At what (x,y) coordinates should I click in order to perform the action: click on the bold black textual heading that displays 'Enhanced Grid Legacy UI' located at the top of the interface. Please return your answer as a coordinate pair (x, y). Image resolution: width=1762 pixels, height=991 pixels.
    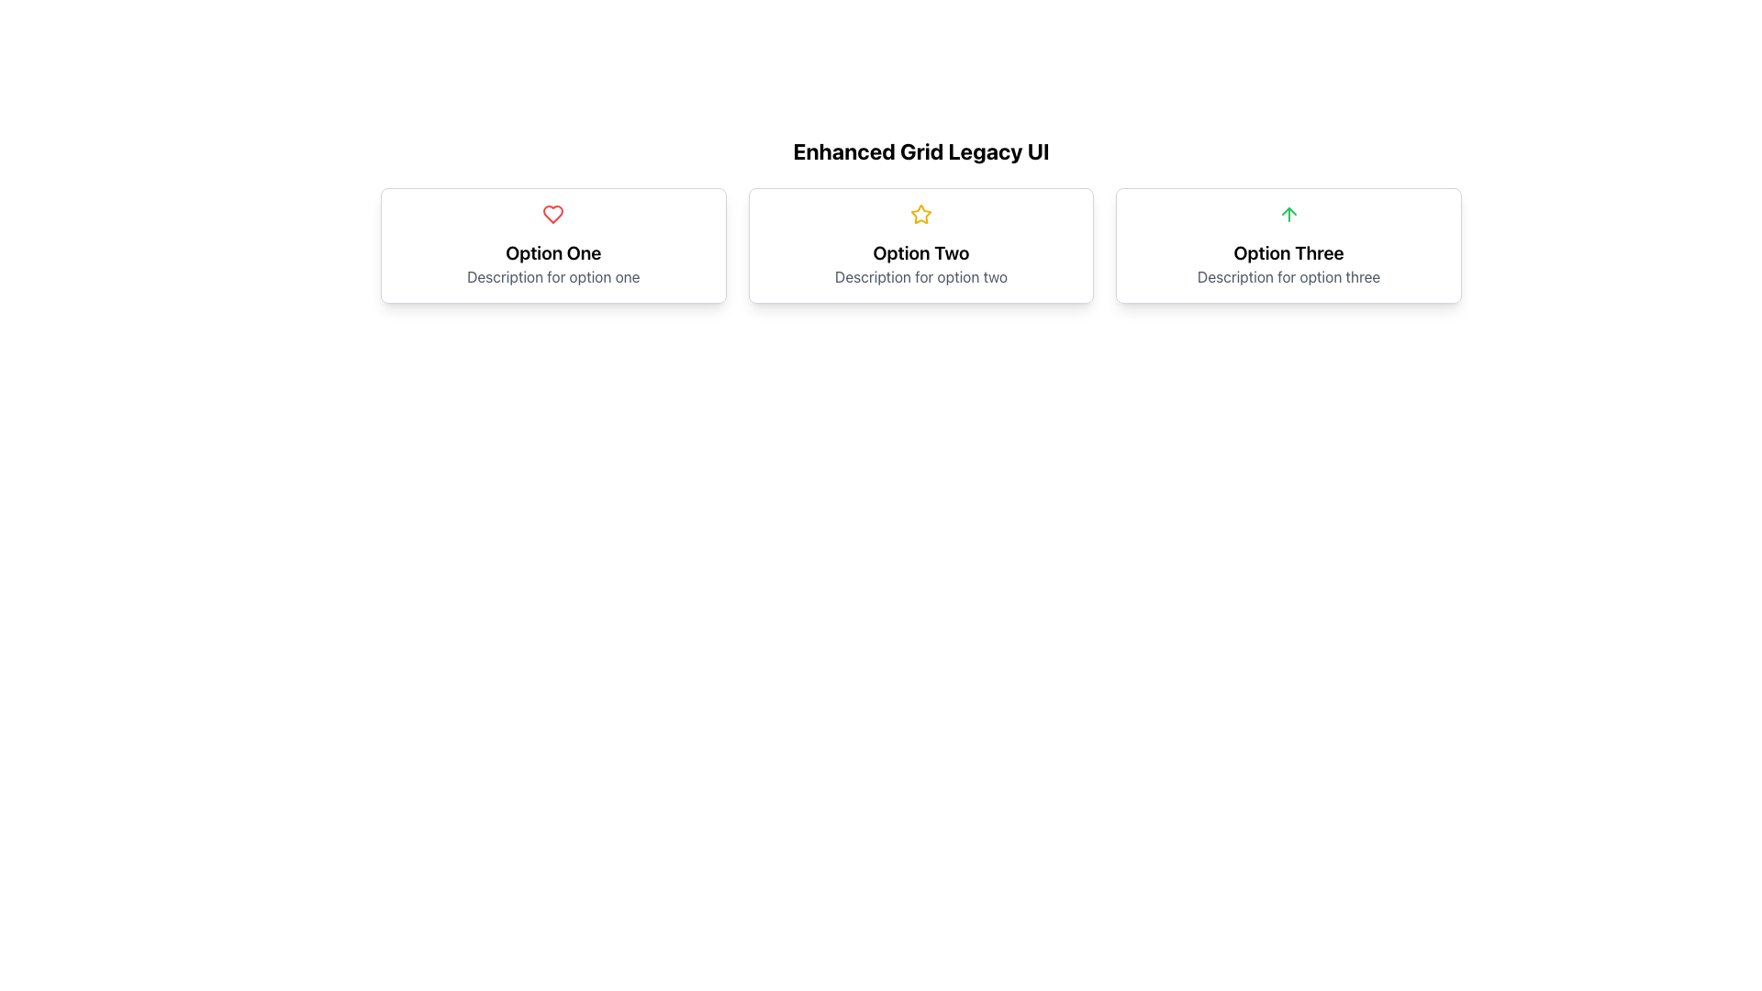
    Looking at the image, I should click on (920, 150).